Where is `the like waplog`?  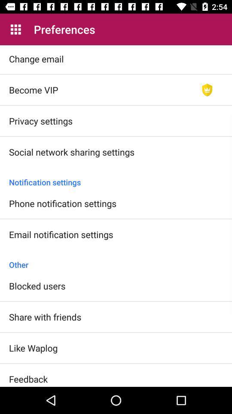 the like waplog is located at coordinates (33, 348).